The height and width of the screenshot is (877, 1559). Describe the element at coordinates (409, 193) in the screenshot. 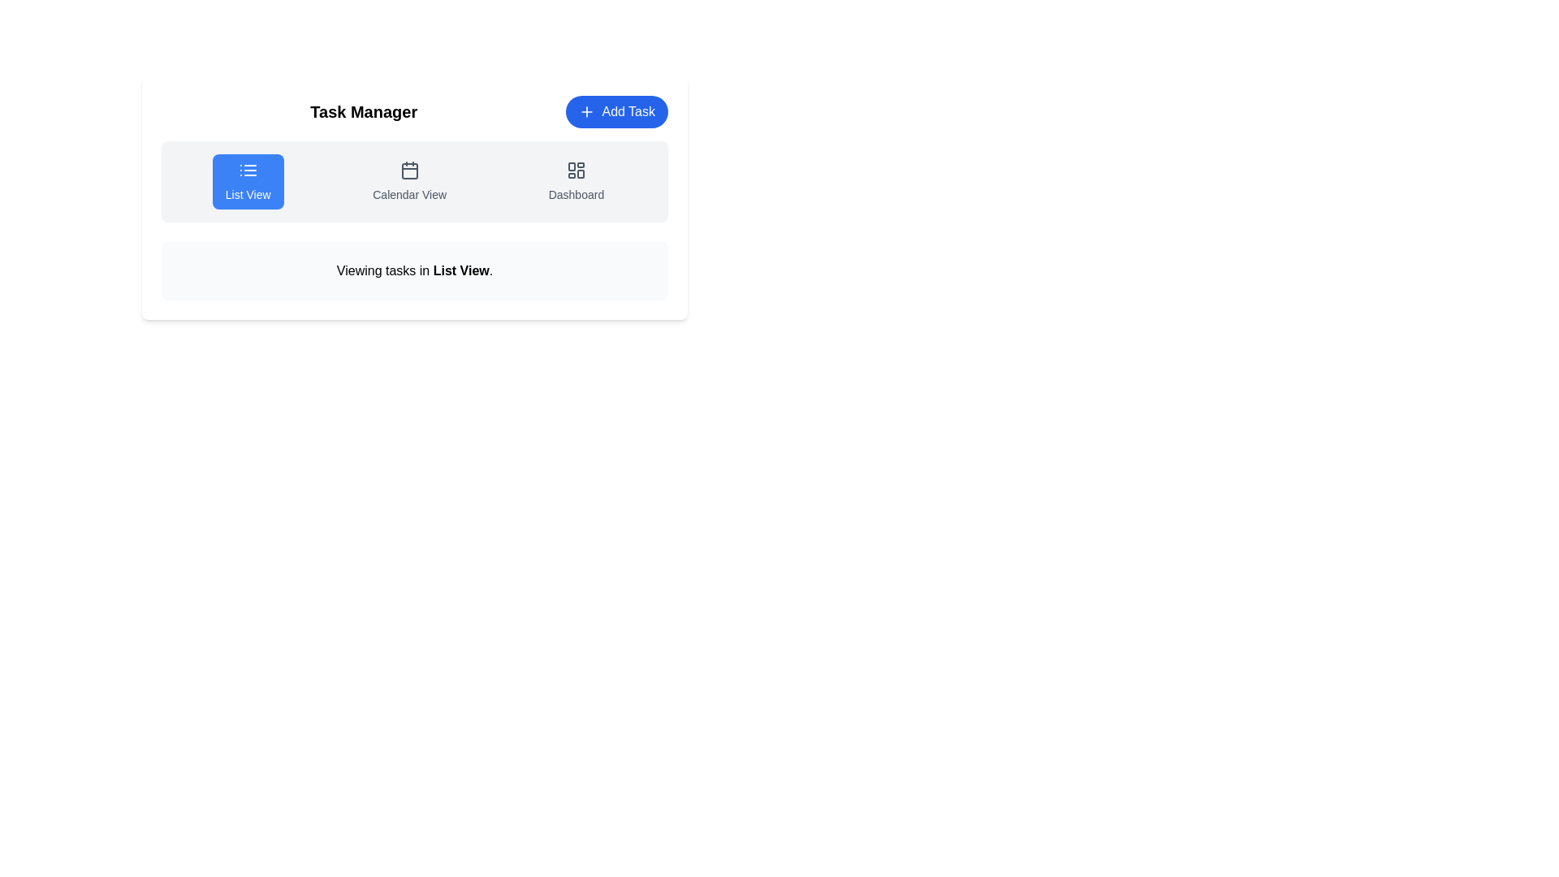

I see `the text label displaying 'Calendar View', which is located below the calendar icon in the navigation button layout` at that location.